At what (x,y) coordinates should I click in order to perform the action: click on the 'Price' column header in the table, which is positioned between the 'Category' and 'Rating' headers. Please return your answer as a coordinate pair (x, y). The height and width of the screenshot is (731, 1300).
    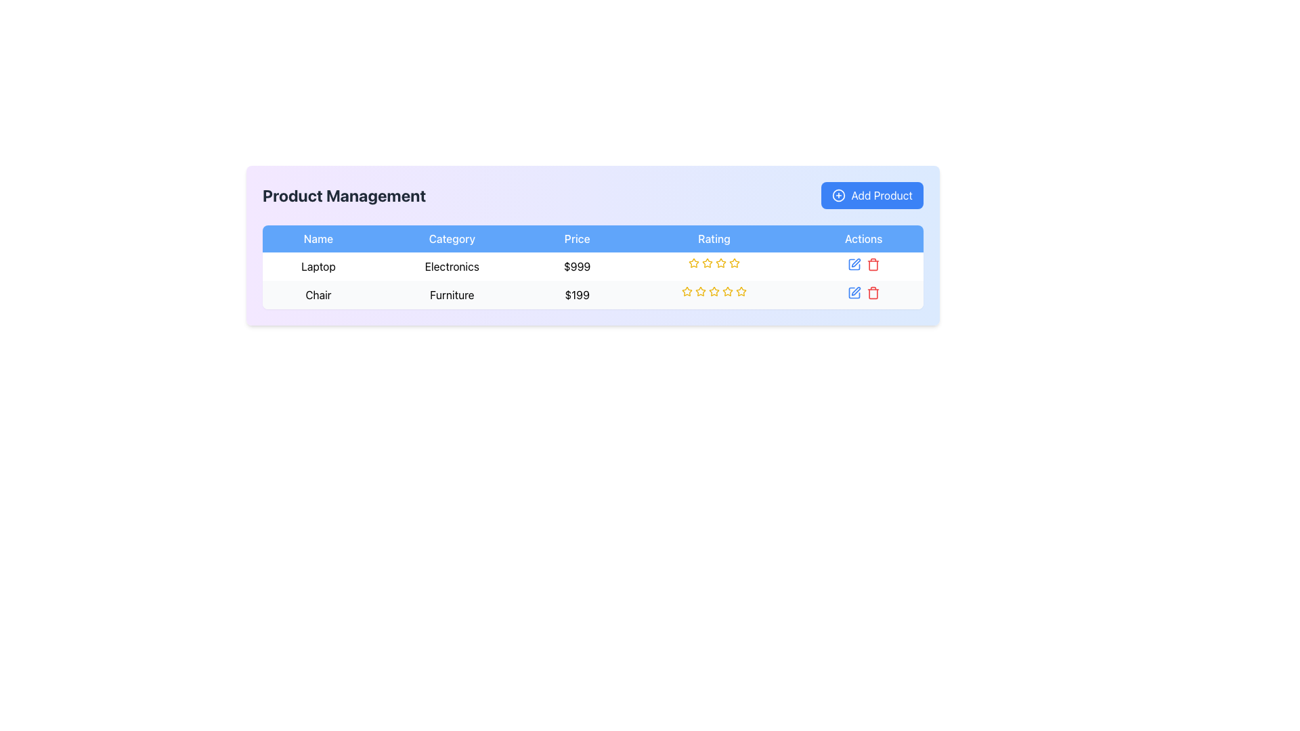
    Looking at the image, I should click on (577, 238).